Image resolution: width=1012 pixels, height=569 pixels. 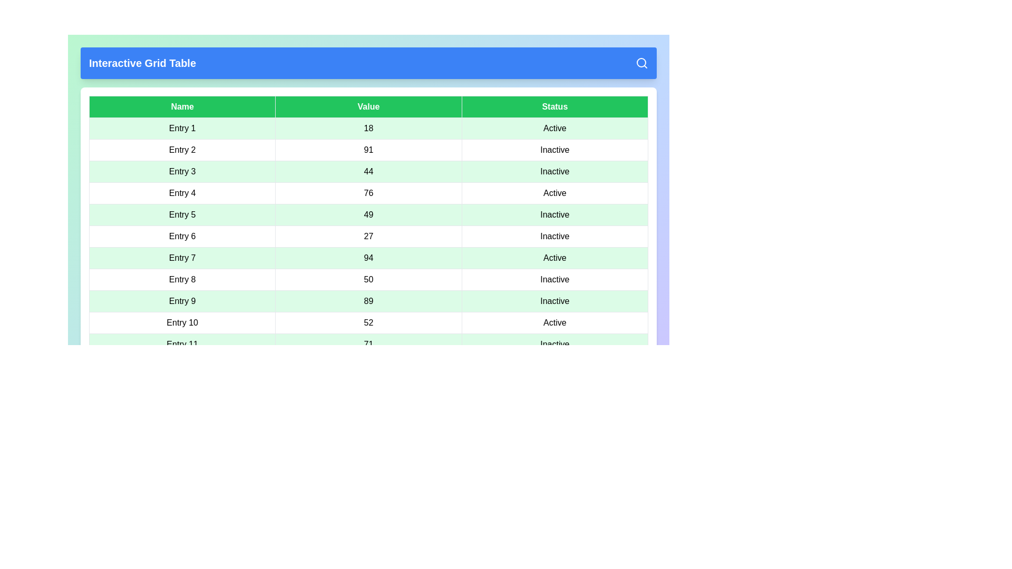 What do you see at coordinates (368, 107) in the screenshot?
I see `the column header 'Value' to sort the table by that column` at bounding box center [368, 107].